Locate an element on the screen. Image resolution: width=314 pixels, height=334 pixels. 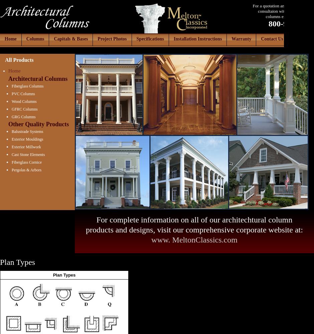
'For a quotation and complimentary consultaion with an experienced columns expert, please call:' is located at coordinates (252, 11).